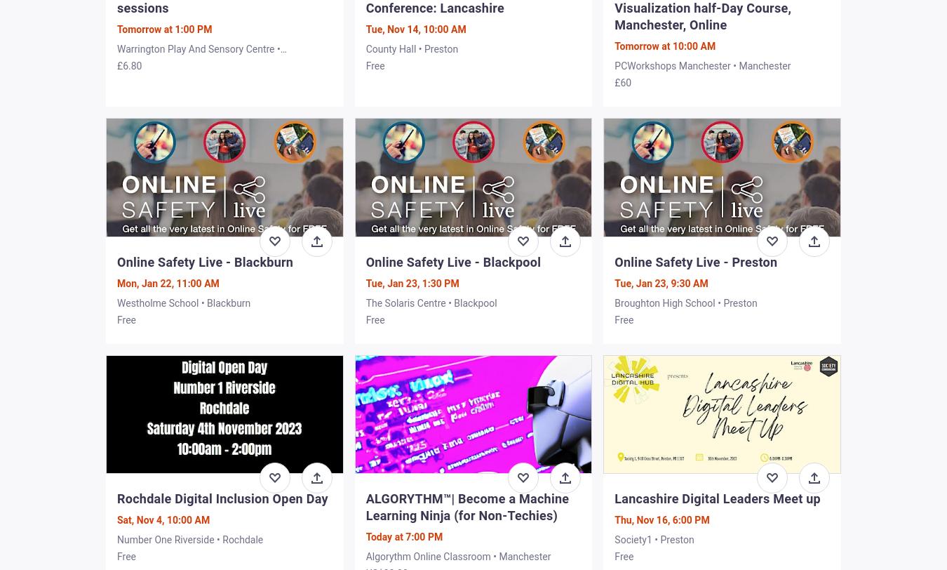 The height and width of the screenshot is (570, 947). What do you see at coordinates (412, 282) in the screenshot?
I see `'Tue, Jan 23, 1:30 PM'` at bounding box center [412, 282].